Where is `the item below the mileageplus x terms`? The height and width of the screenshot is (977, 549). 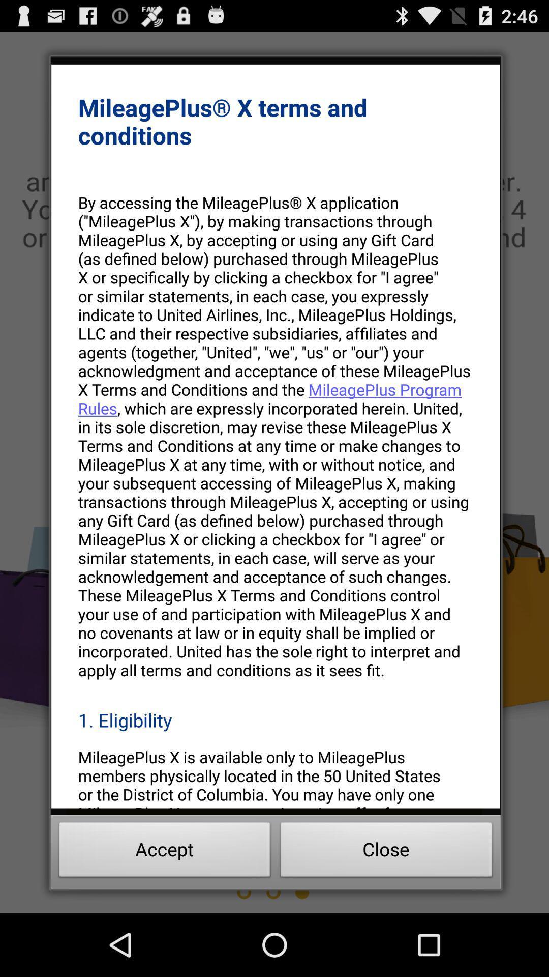 the item below the mileageplus x terms is located at coordinates (276, 436).